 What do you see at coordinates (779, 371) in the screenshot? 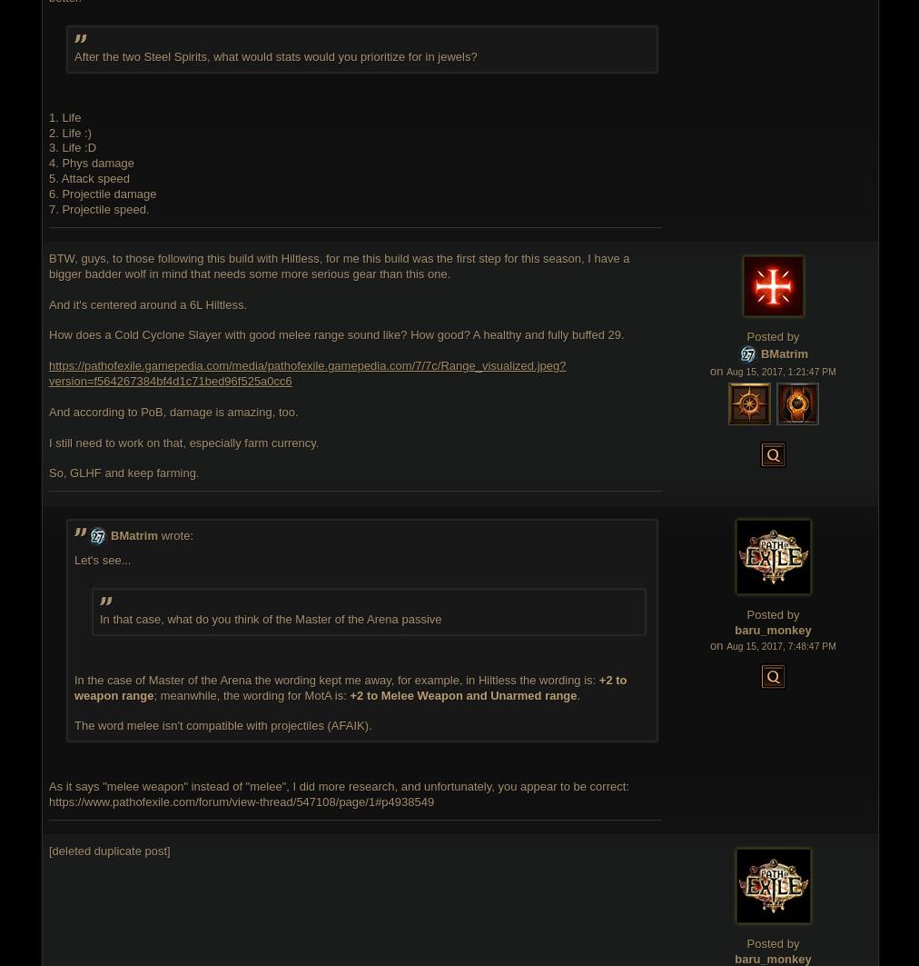
I see `'Aug 15, 2017, 1:21:47 PM'` at bounding box center [779, 371].